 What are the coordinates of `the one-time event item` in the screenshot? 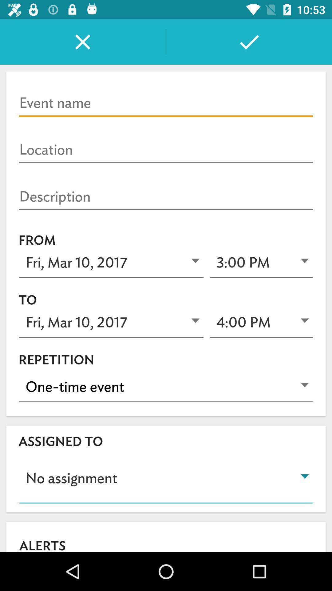 It's located at (166, 387).